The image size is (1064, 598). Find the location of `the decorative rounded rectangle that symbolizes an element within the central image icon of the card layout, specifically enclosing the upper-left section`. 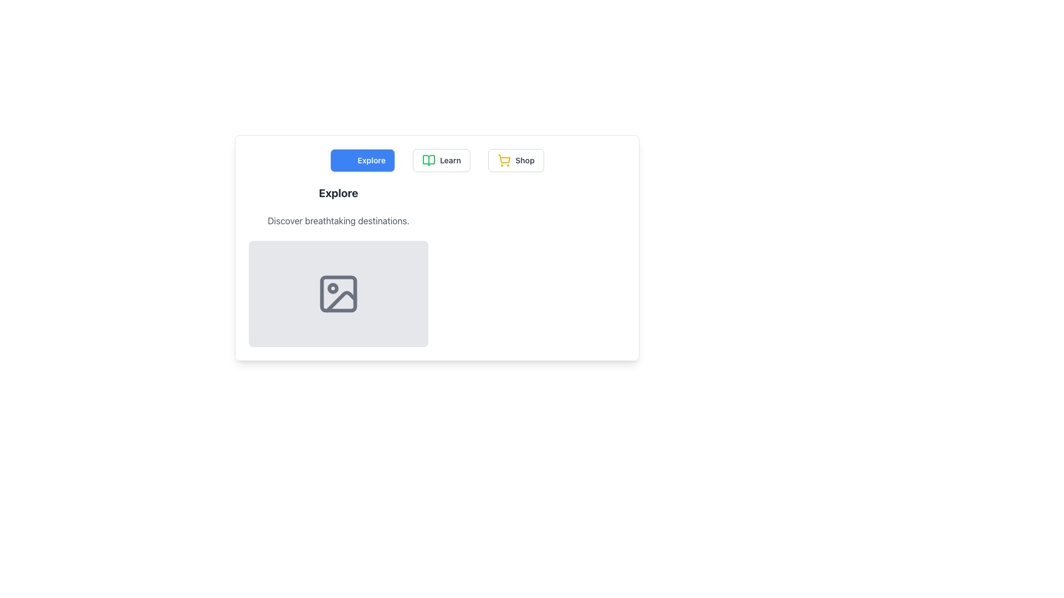

the decorative rounded rectangle that symbolizes an element within the central image icon of the card layout, specifically enclosing the upper-left section is located at coordinates (337, 293).